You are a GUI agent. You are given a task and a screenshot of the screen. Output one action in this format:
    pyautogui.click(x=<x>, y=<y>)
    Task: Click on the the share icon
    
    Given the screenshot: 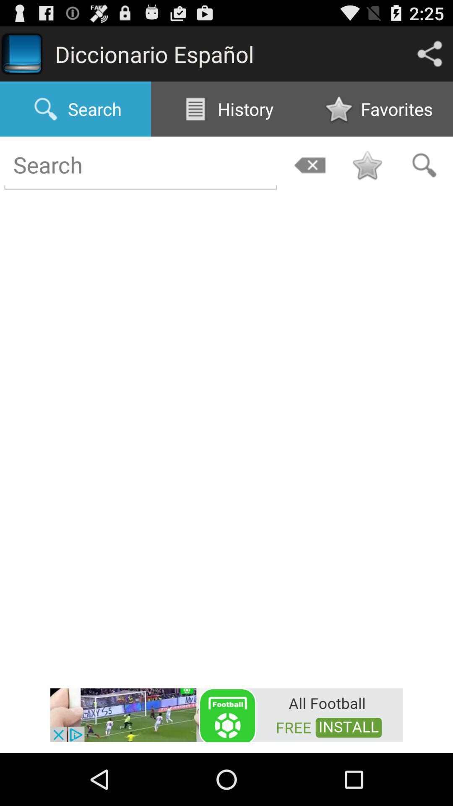 What is the action you would take?
    pyautogui.click(x=430, y=57)
    